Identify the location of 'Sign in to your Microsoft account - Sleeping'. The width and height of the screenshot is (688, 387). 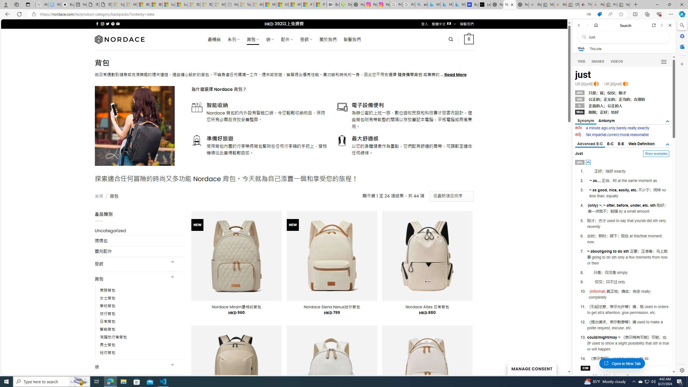
(118, 4).